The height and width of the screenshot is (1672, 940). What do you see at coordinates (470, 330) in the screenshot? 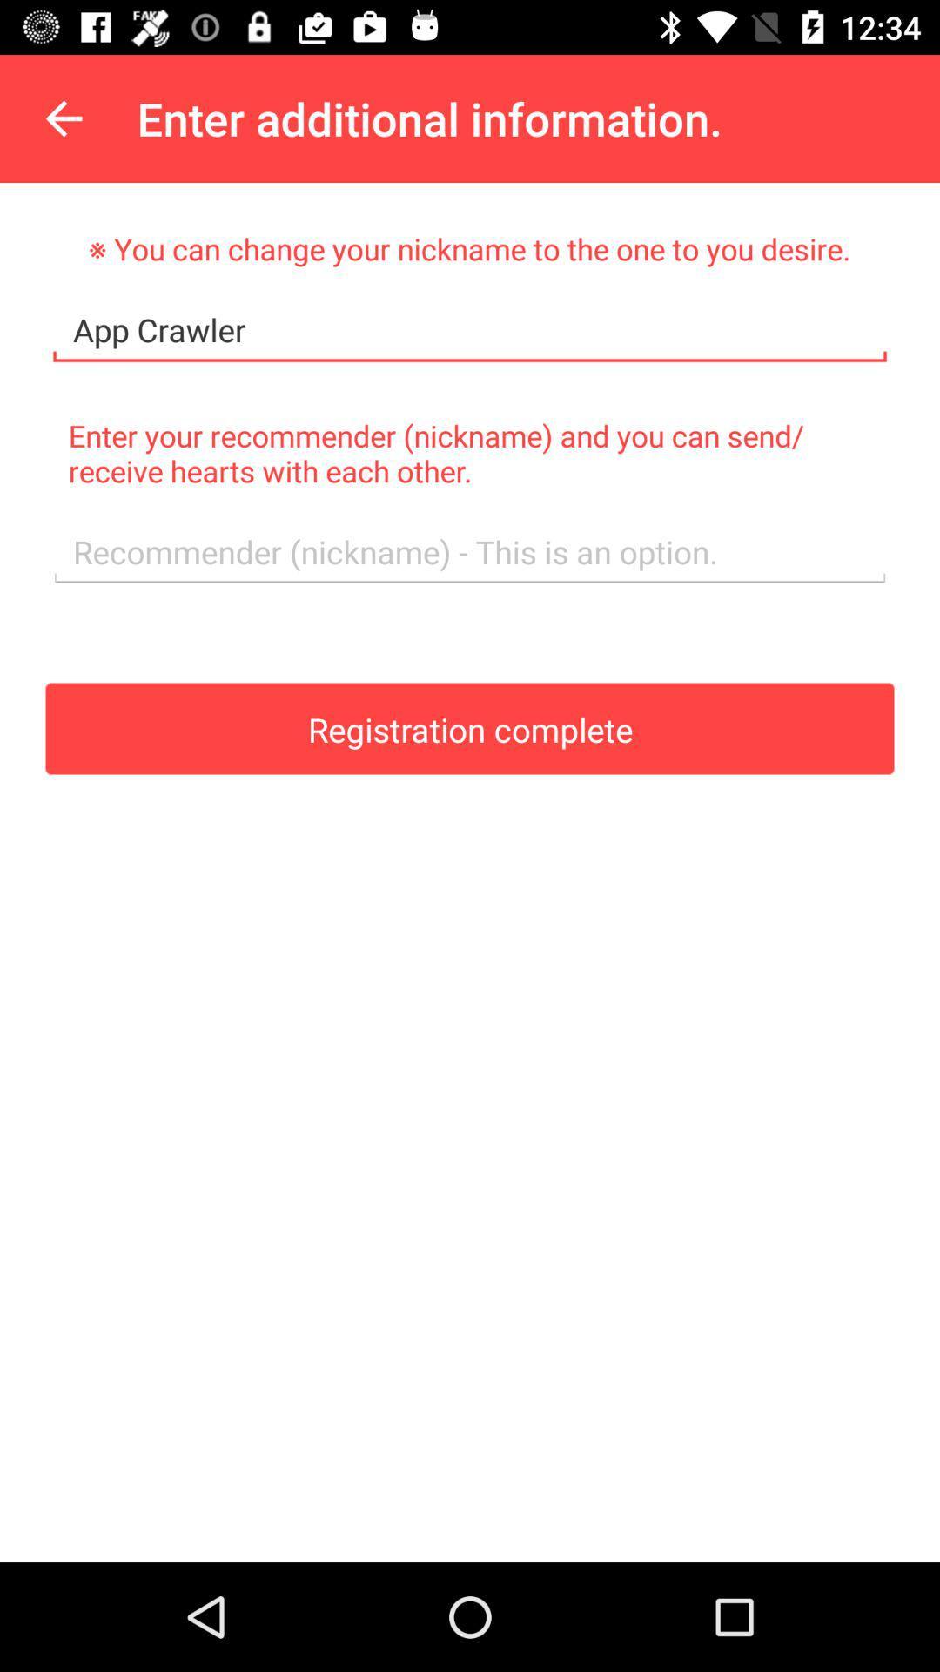
I see `icon above enter your recommender` at bounding box center [470, 330].